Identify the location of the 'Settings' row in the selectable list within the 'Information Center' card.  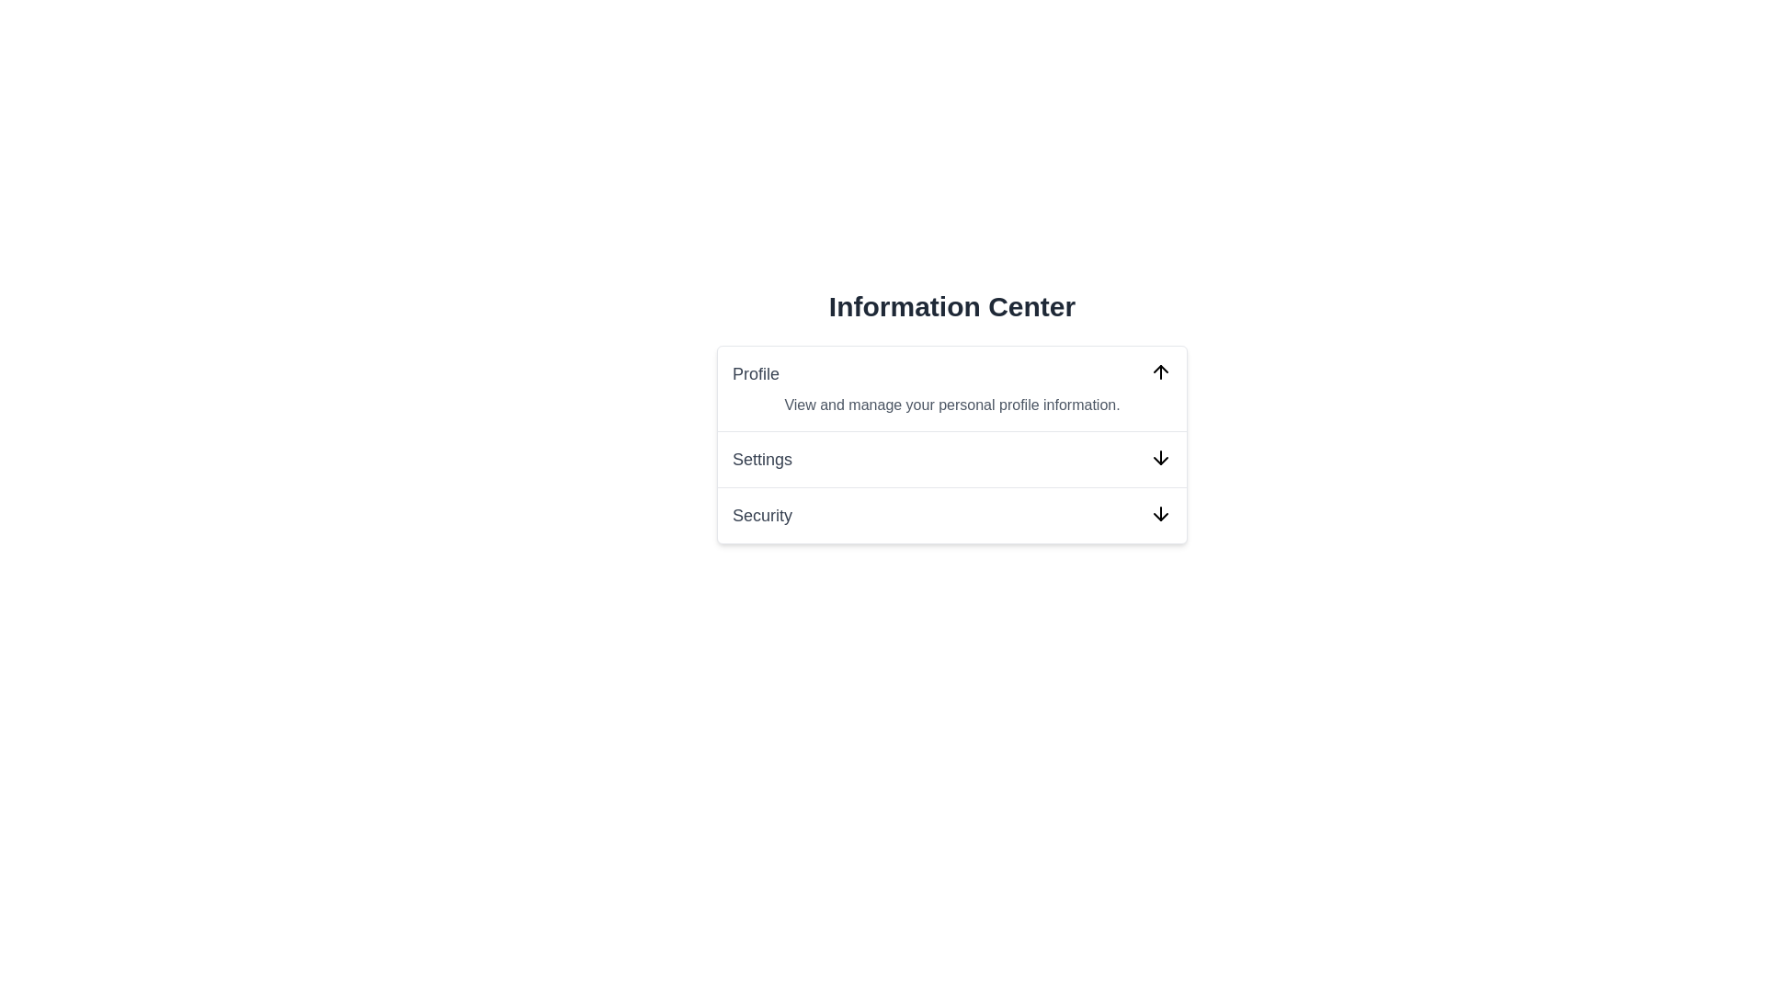
(952, 444).